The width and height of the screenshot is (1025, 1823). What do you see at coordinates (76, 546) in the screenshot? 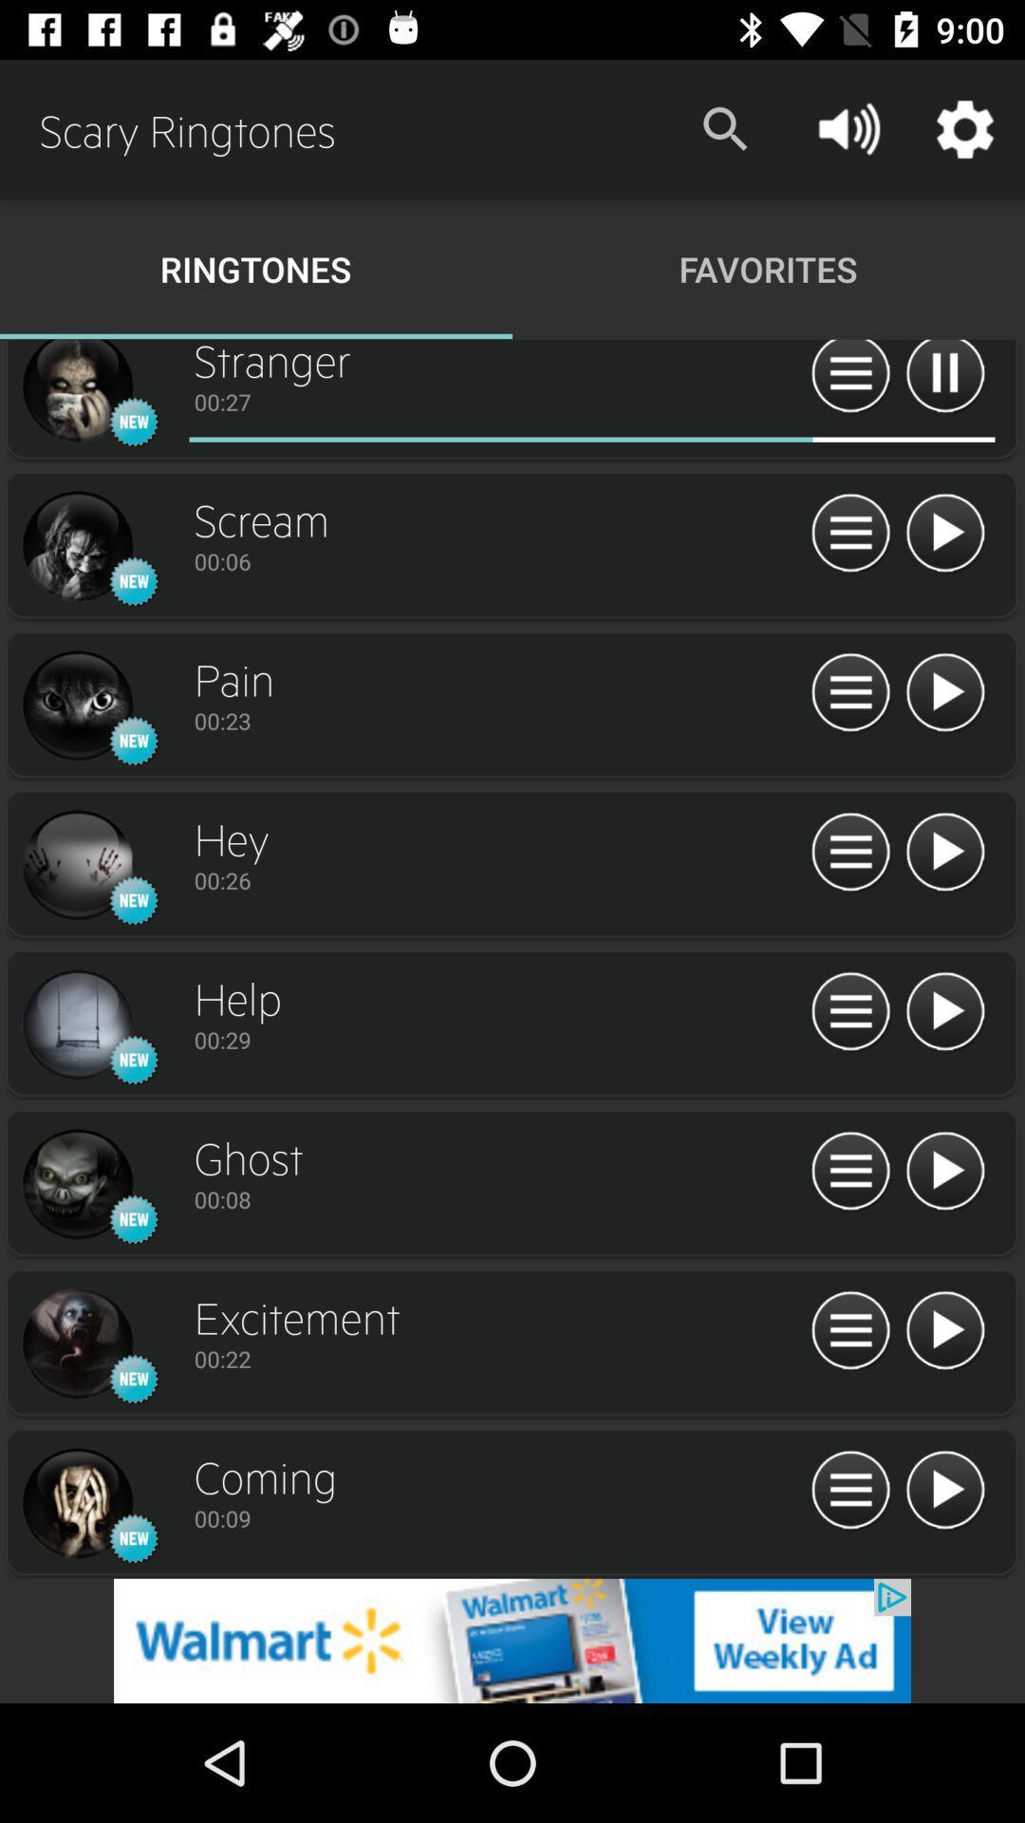
I see `open track` at bounding box center [76, 546].